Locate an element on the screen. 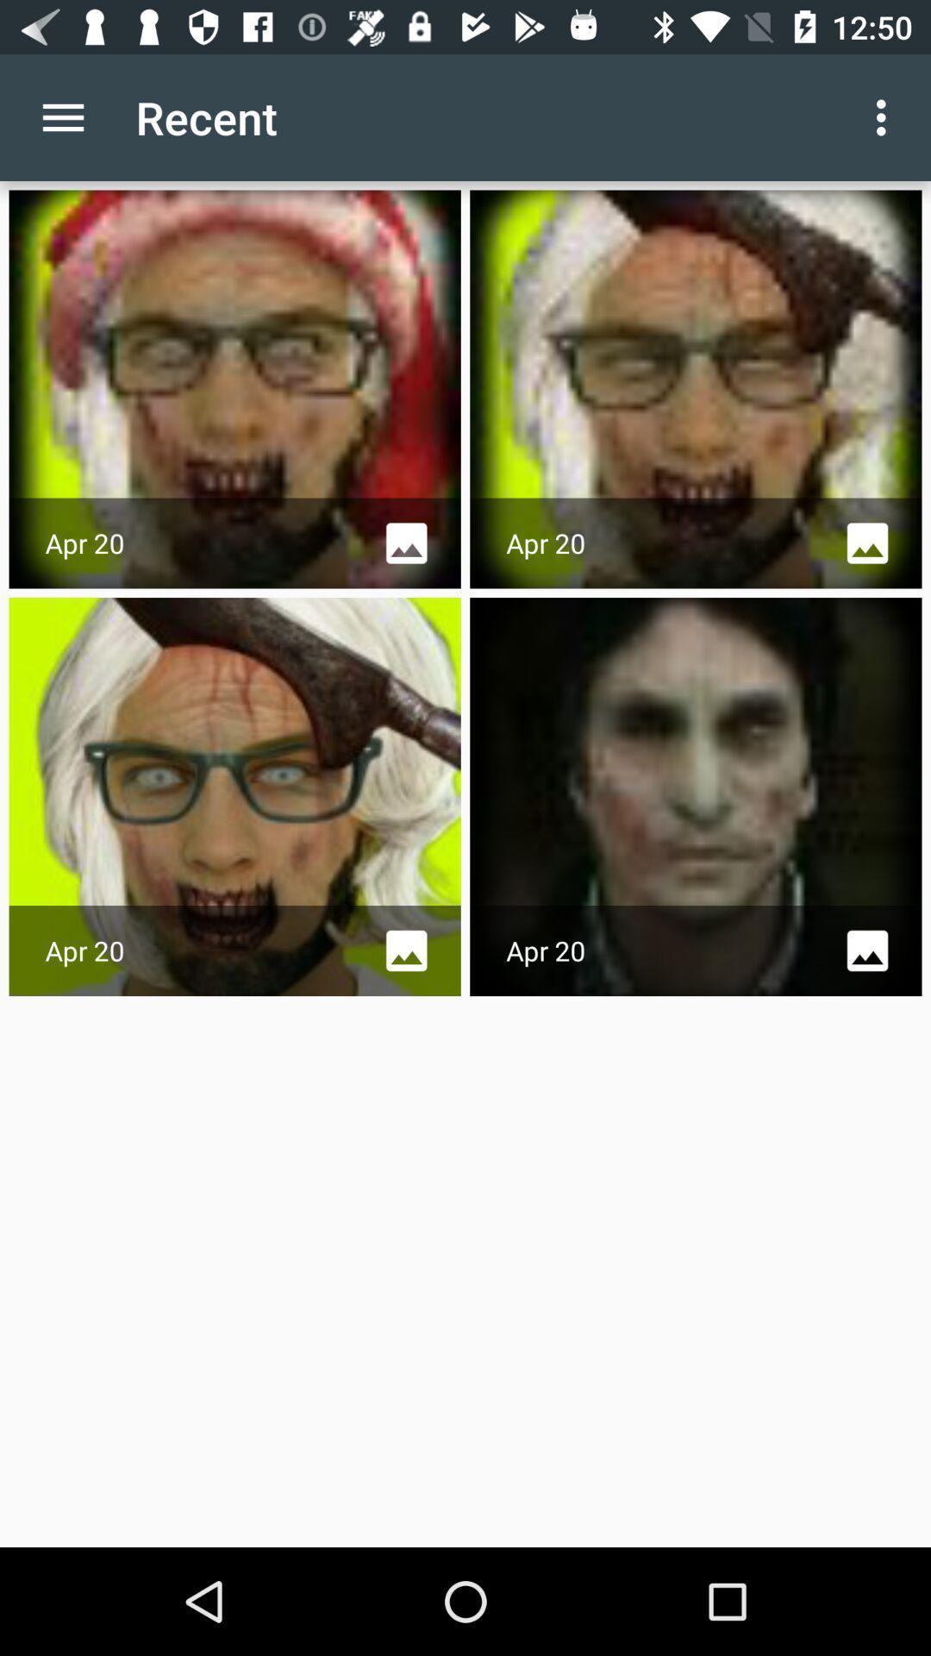 Image resolution: width=931 pixels, height=1656 pixels. the fourth image which is located at bottom right corner is located at coordinates (695, 796).